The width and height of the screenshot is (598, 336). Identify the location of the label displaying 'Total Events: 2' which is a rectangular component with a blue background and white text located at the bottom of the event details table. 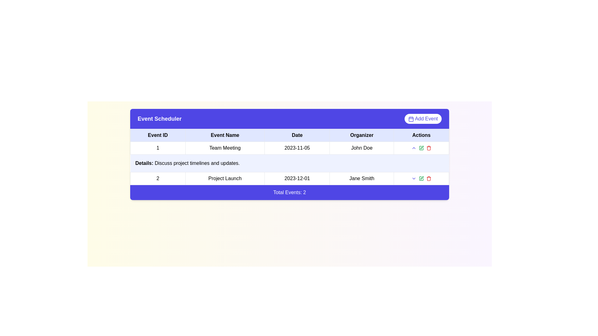
(289, 192).